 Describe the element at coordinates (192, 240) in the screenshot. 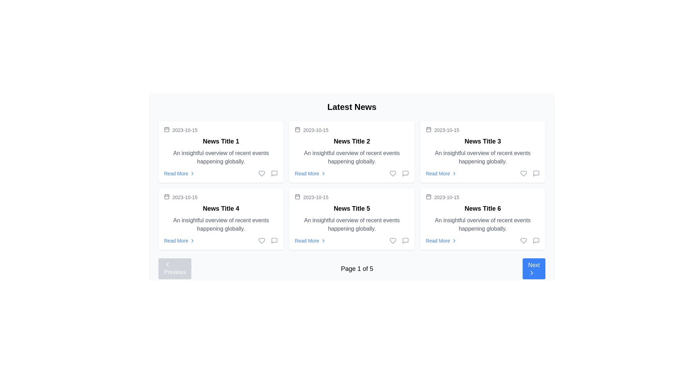

I see `the right-pointing chevron icon located next to the 'Read More' link under the 'News Title 4' section in the 'Latest News' grid layout` at that location.